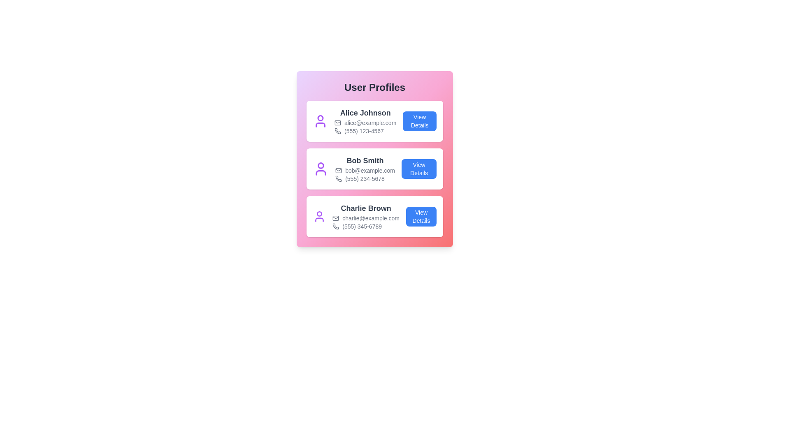 The image size is (790, 444). I want to click on the text content of email for user Bob Smith, so click(365, 170).